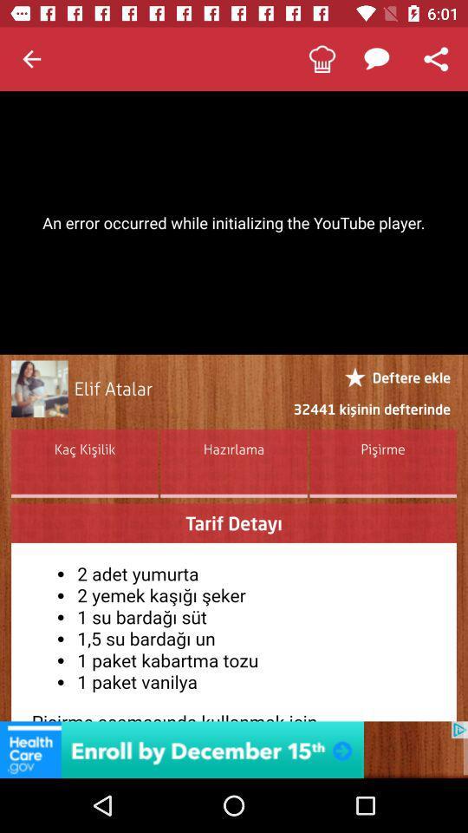 Image resolution: width=468 pixels, height=833 pixels. What do you see at coordinates (234, 749) in the screenshot?
I see `open advertisement` at bounding box center [234, 749].